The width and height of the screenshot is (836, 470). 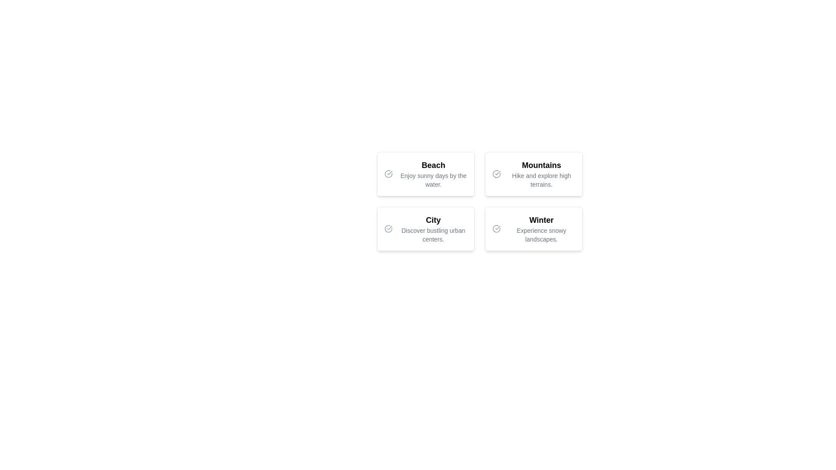 I want to click on the 'City' card, which is the third card in a 2x2 grid layout, containing a bold header 'City' and a description 'Discover bustling urban centers.', along with a check mark icon on the left, so click(x=426, y=228).